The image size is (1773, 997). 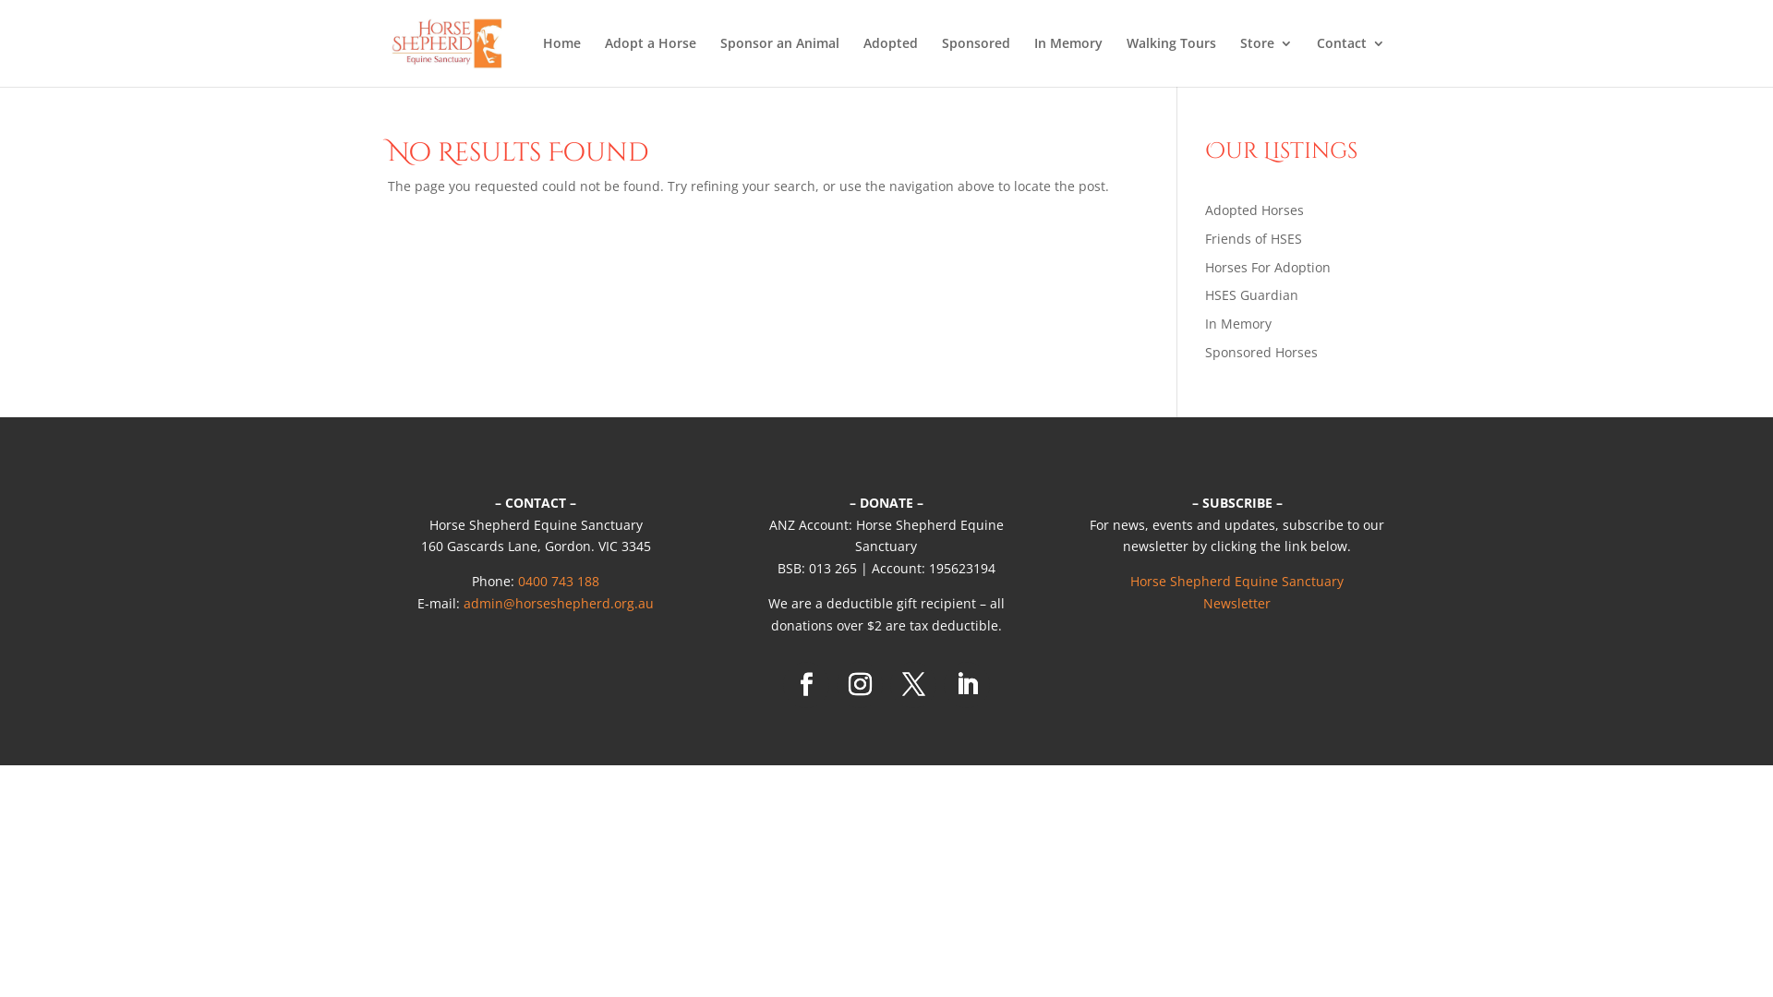 What do you see at coordinates (557, 603) in the screenshot?
I see `'admin@horseshepherd.org.au'` at bounding box center [557, 603].